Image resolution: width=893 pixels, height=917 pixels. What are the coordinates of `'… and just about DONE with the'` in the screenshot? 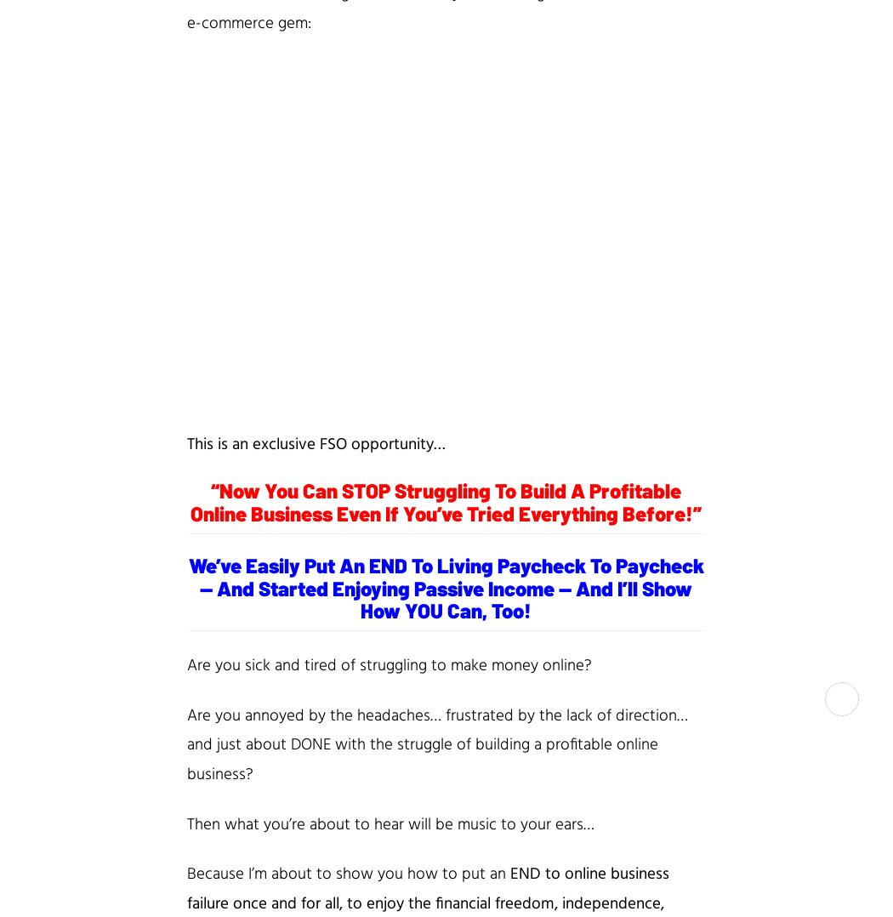 It's located at (436, 729).